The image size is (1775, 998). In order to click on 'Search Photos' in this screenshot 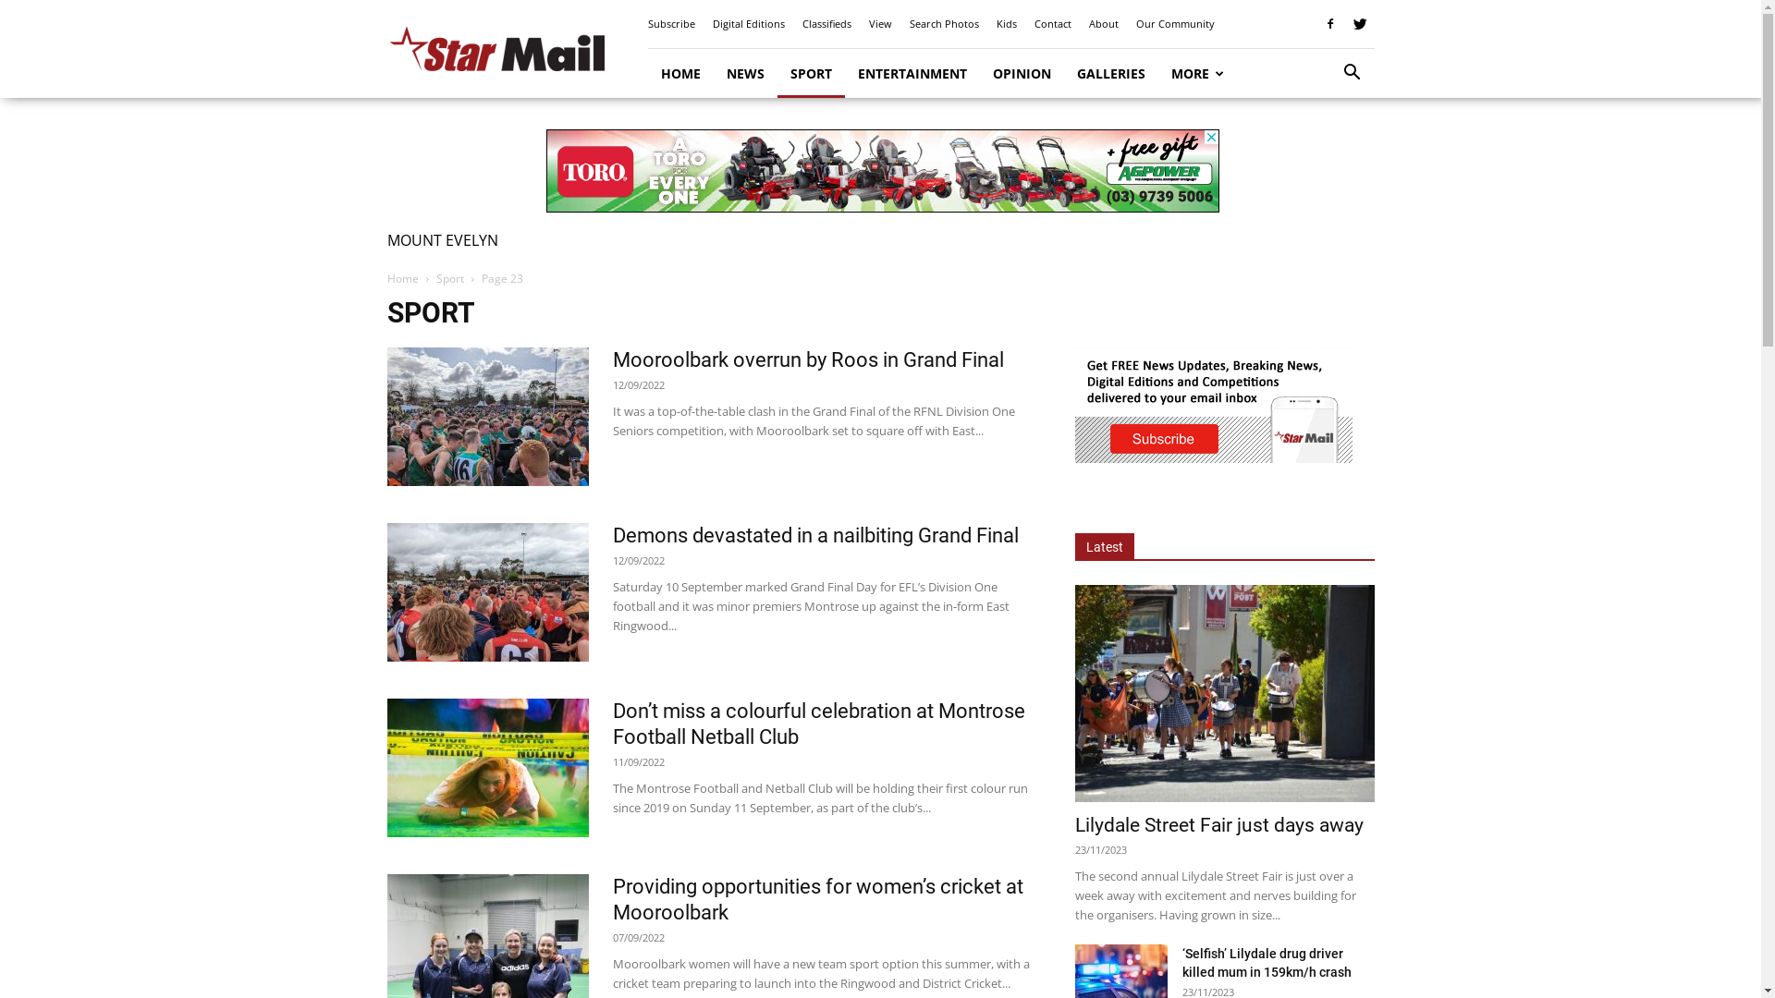, I will do `click(944, 23)`.